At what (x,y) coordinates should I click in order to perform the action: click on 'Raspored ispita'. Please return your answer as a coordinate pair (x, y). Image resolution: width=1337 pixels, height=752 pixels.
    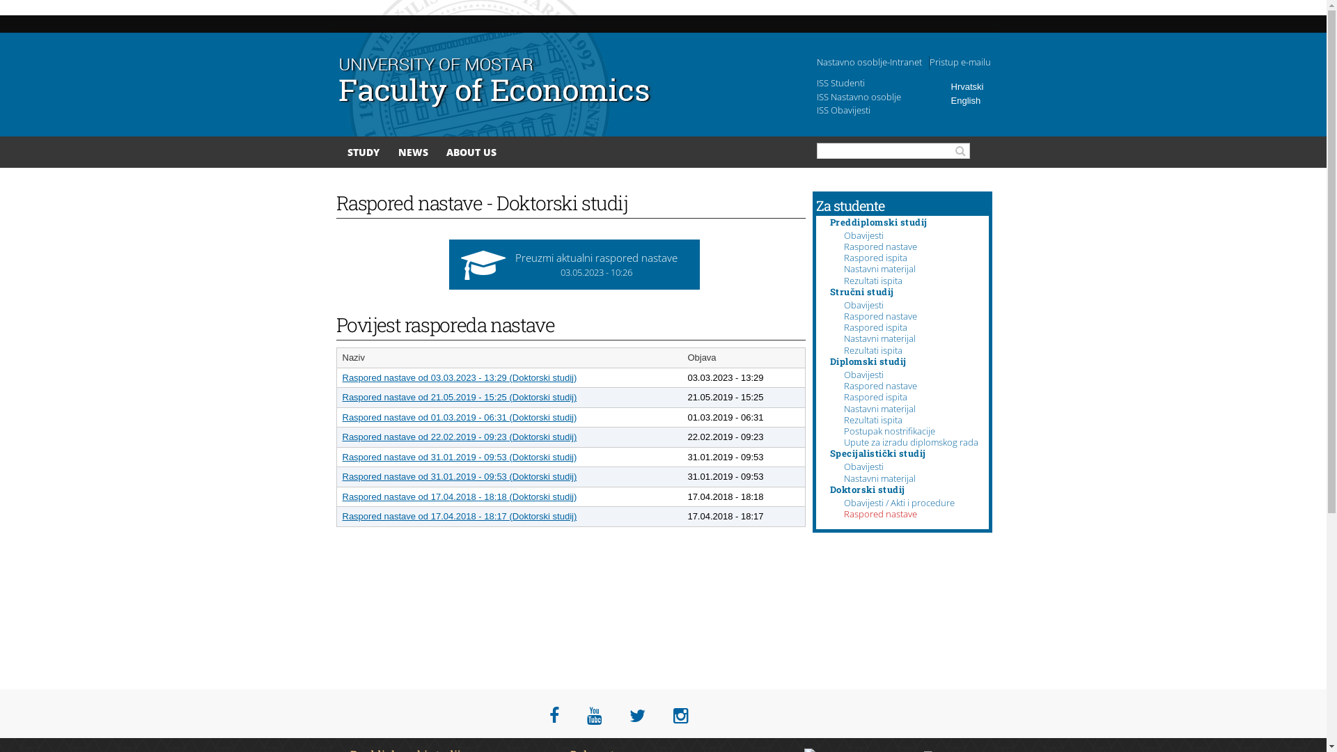
    Looking at the image, I should click on (875, 397).